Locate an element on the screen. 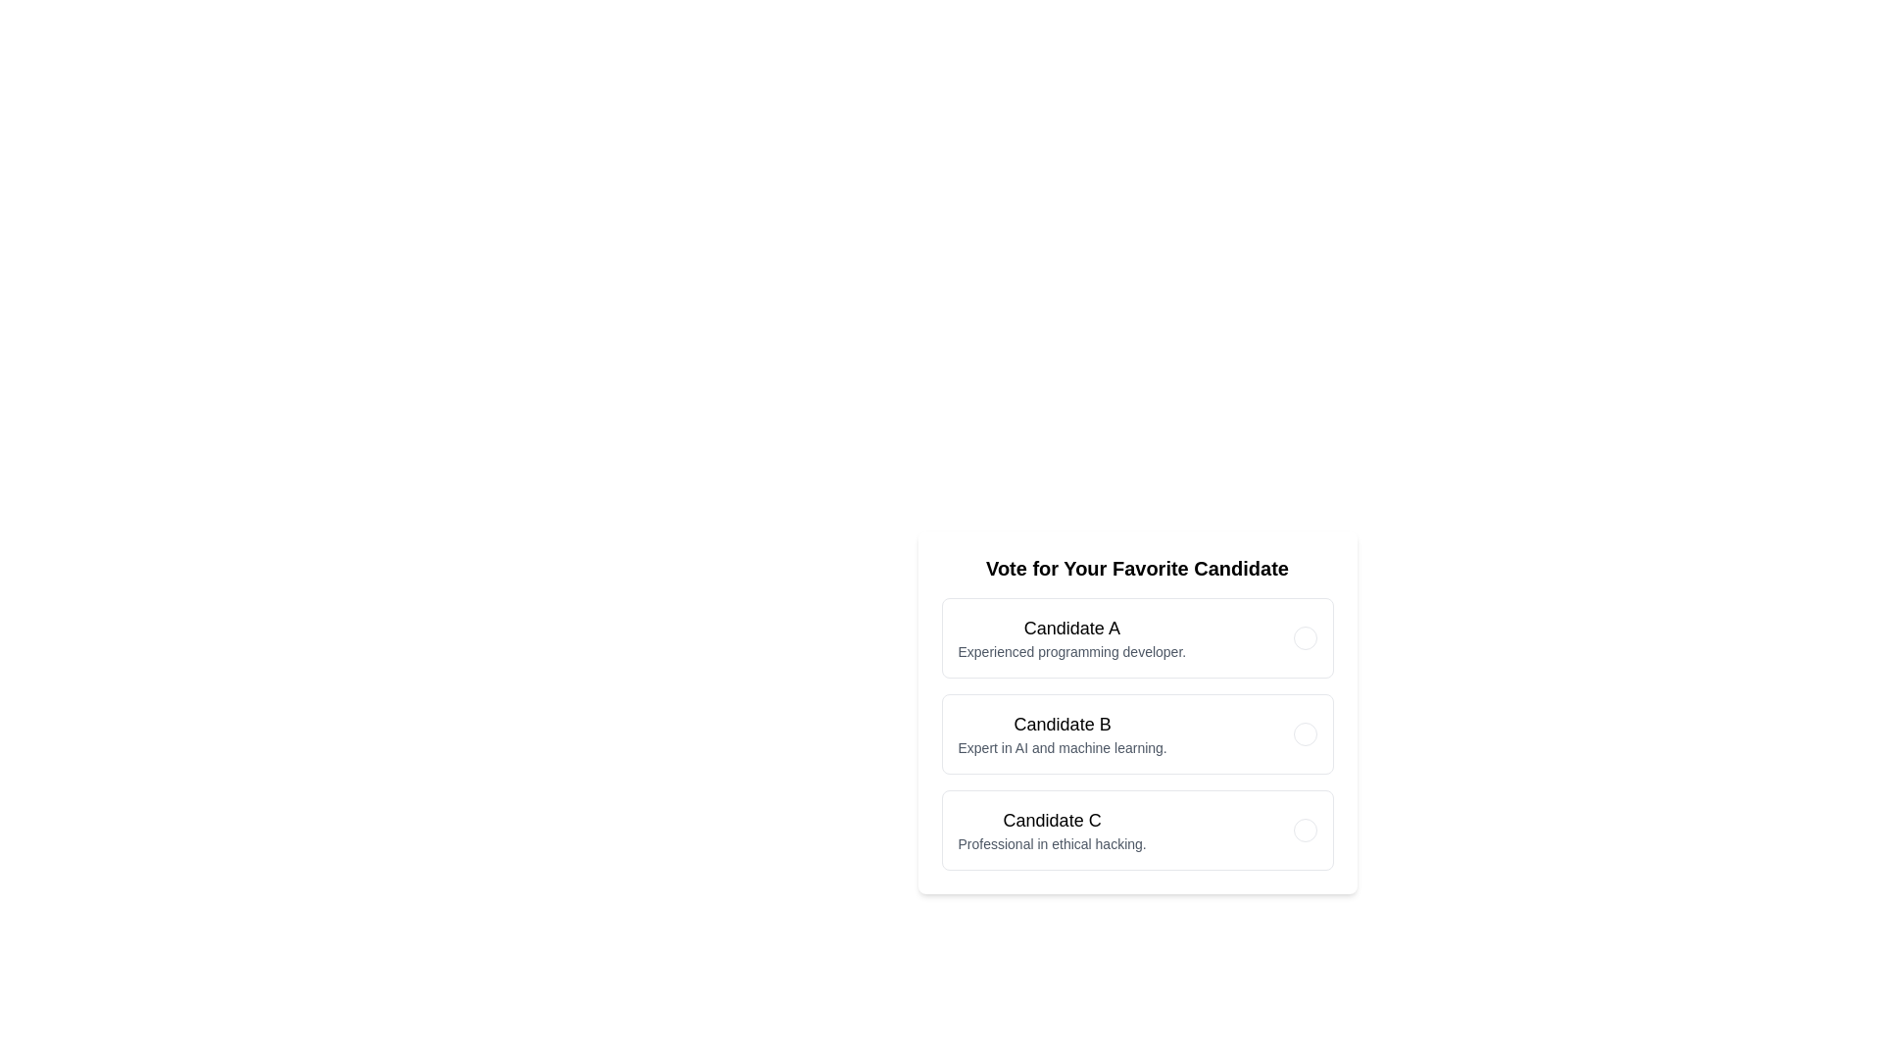  the interactive area for Candidate B to toggle the vote state is located at coordinates (1137, 733).